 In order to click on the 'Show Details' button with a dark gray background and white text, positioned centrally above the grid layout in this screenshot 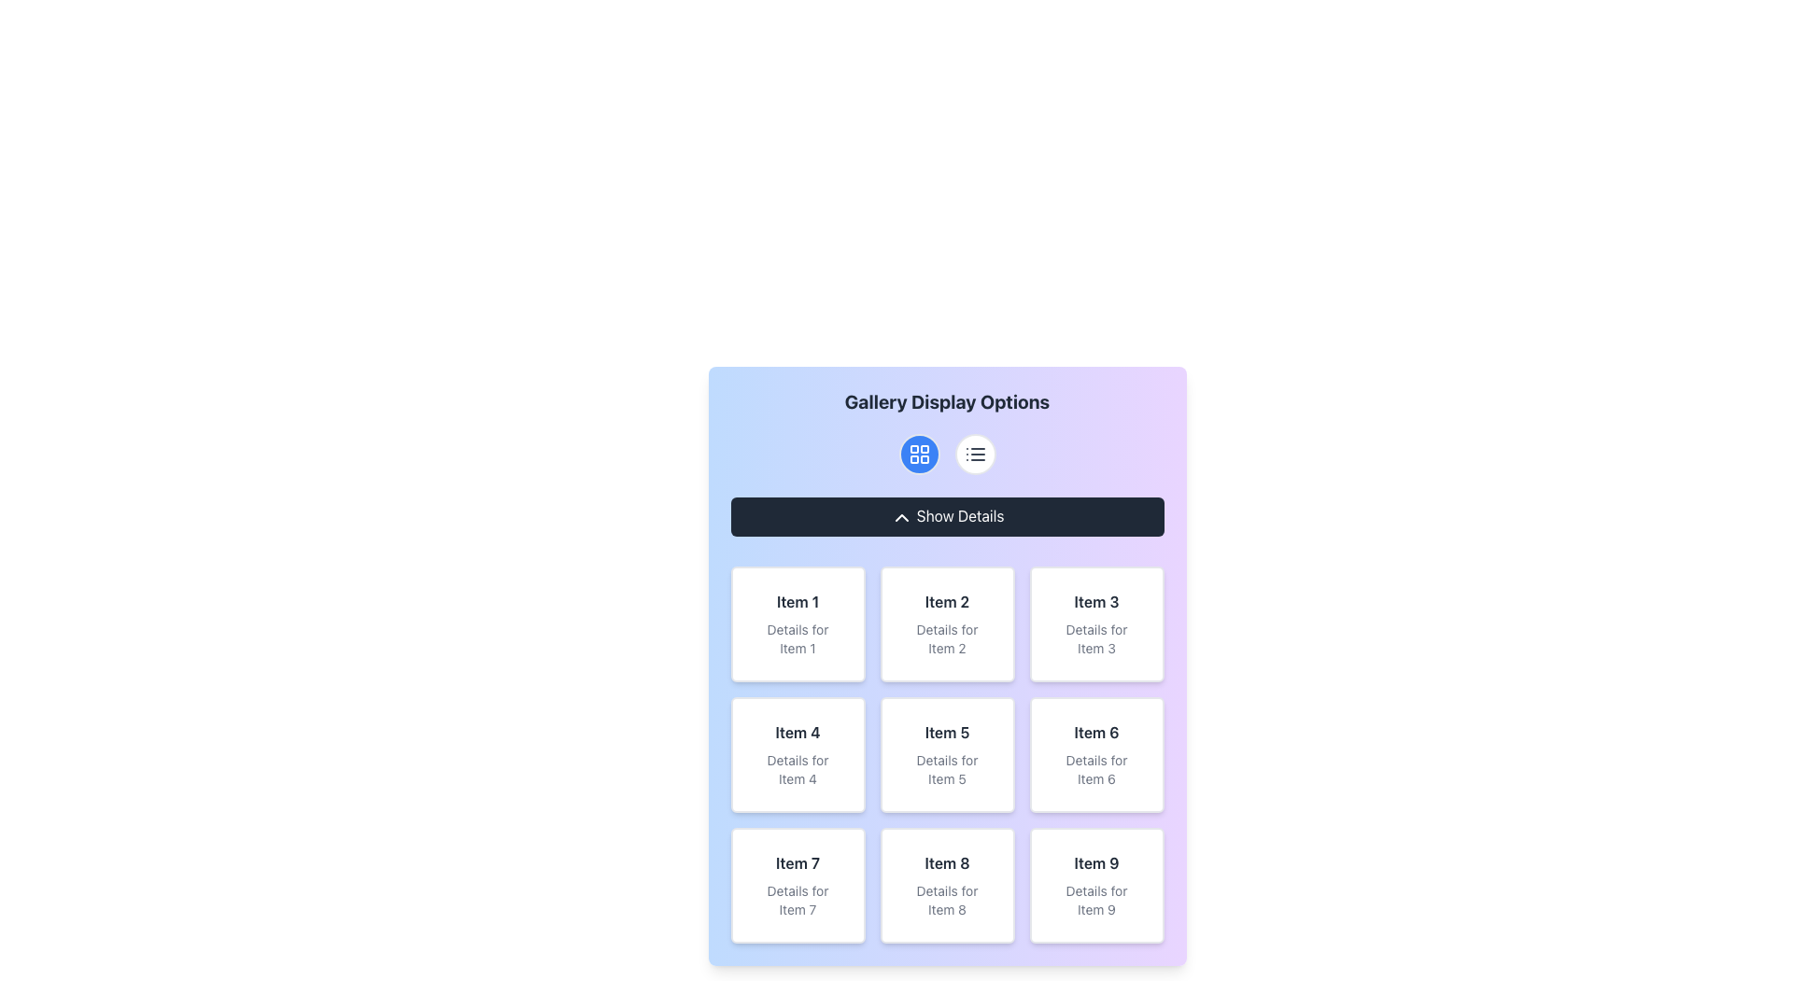, I will do `click(947, 516)`.